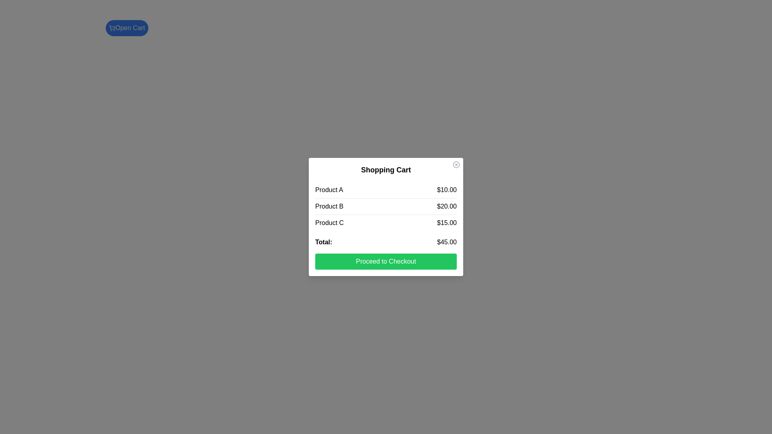 Image resolution: width=772 pixels, height=434 pixels. What do you see at coordinates (126, 27) in the screenshot?
I see `the prominent shopping cart button located in the top-left corner of the interface` at bounding box center [126, 27].